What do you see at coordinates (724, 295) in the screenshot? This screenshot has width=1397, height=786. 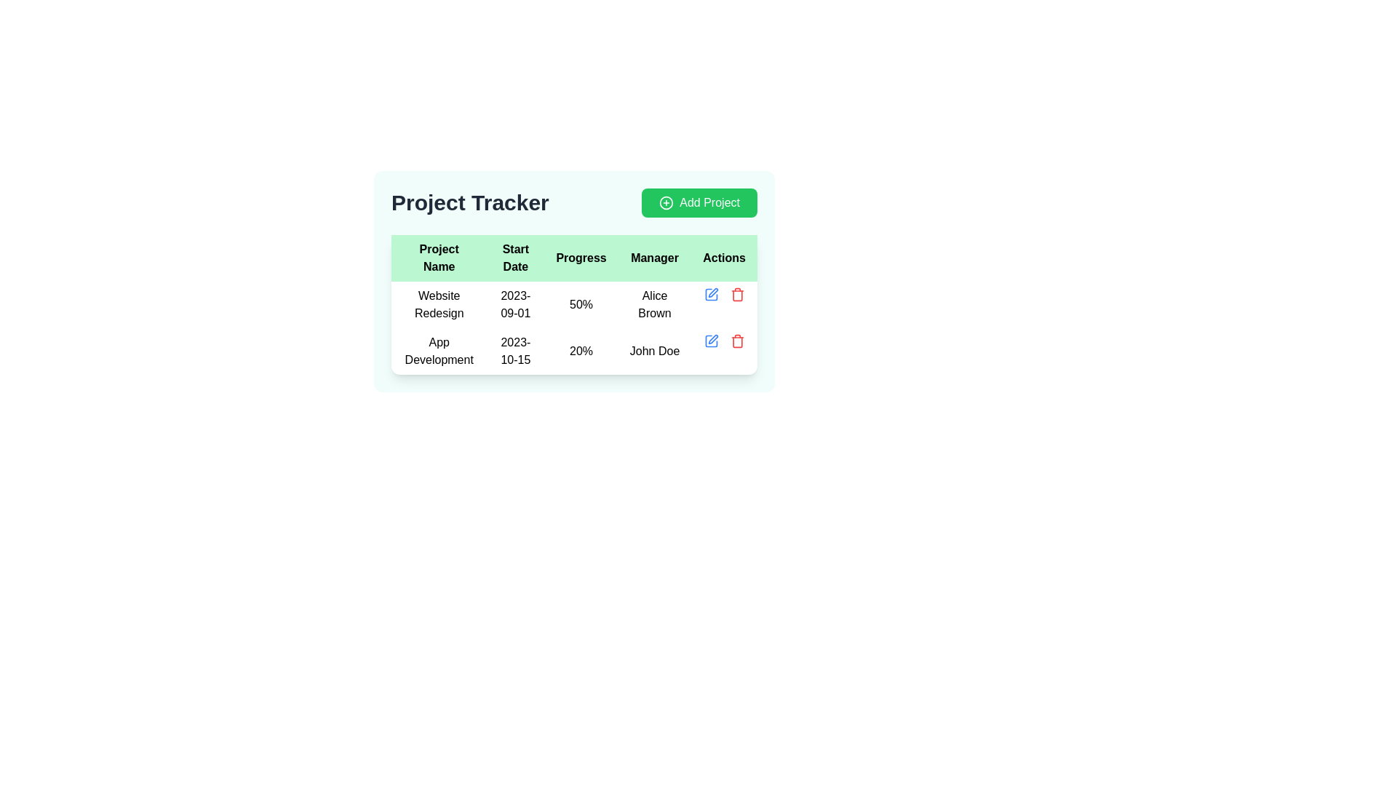 I see `the interactive icons representing actions for the 'Website Redesign' project entry` at bounding box center [724, 295].